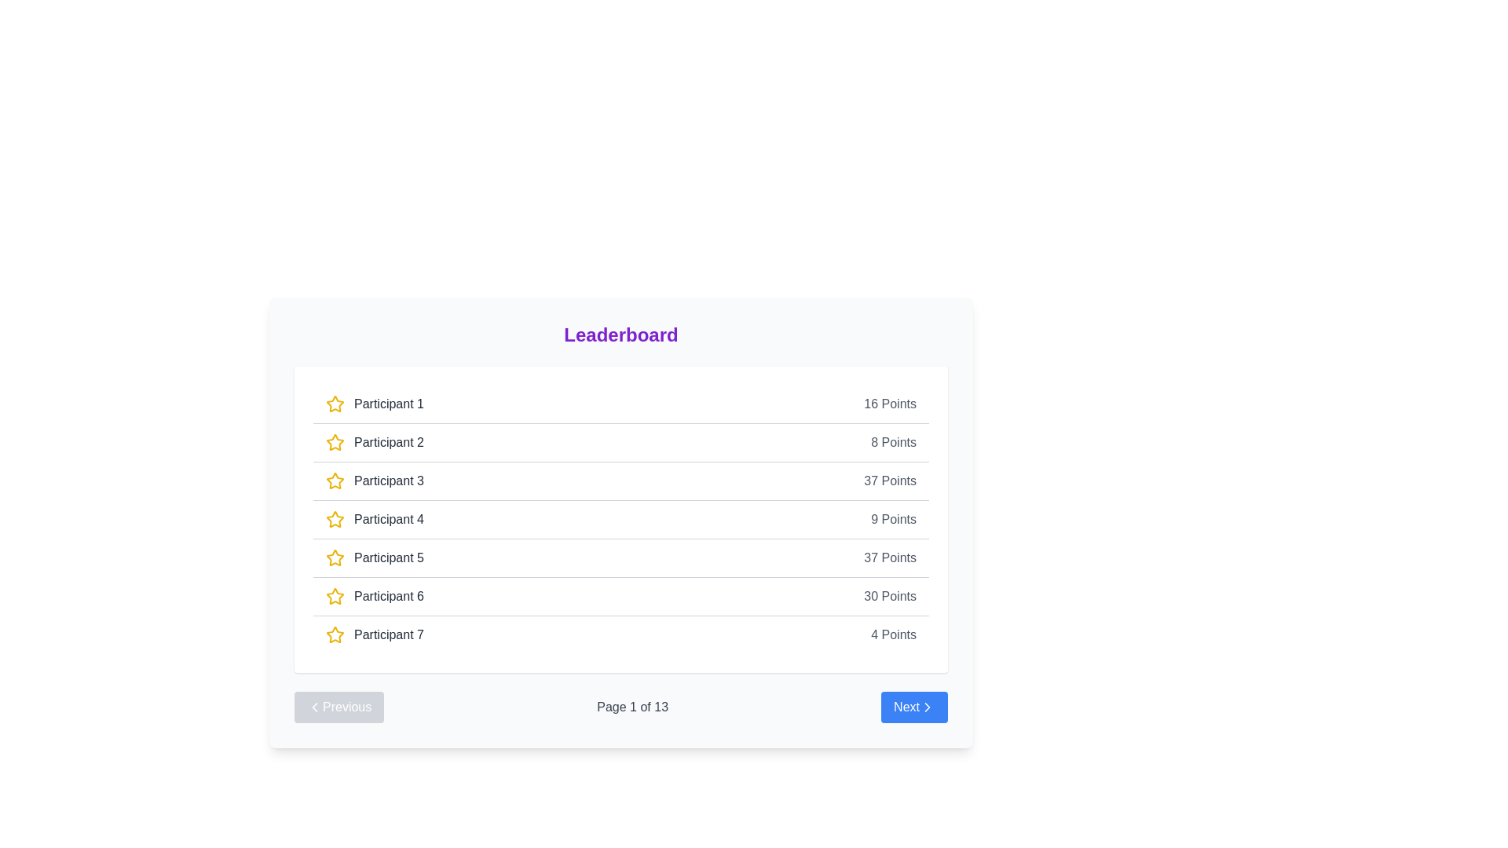 The width and height of the screenshot is (1508, 848). What do you see at coordinates (314, 707) in the screenshot?
I see `the backward navigation icon located at the leftmost side of the 'Previous' button in the pagination control` at bounding box center [314, 707].